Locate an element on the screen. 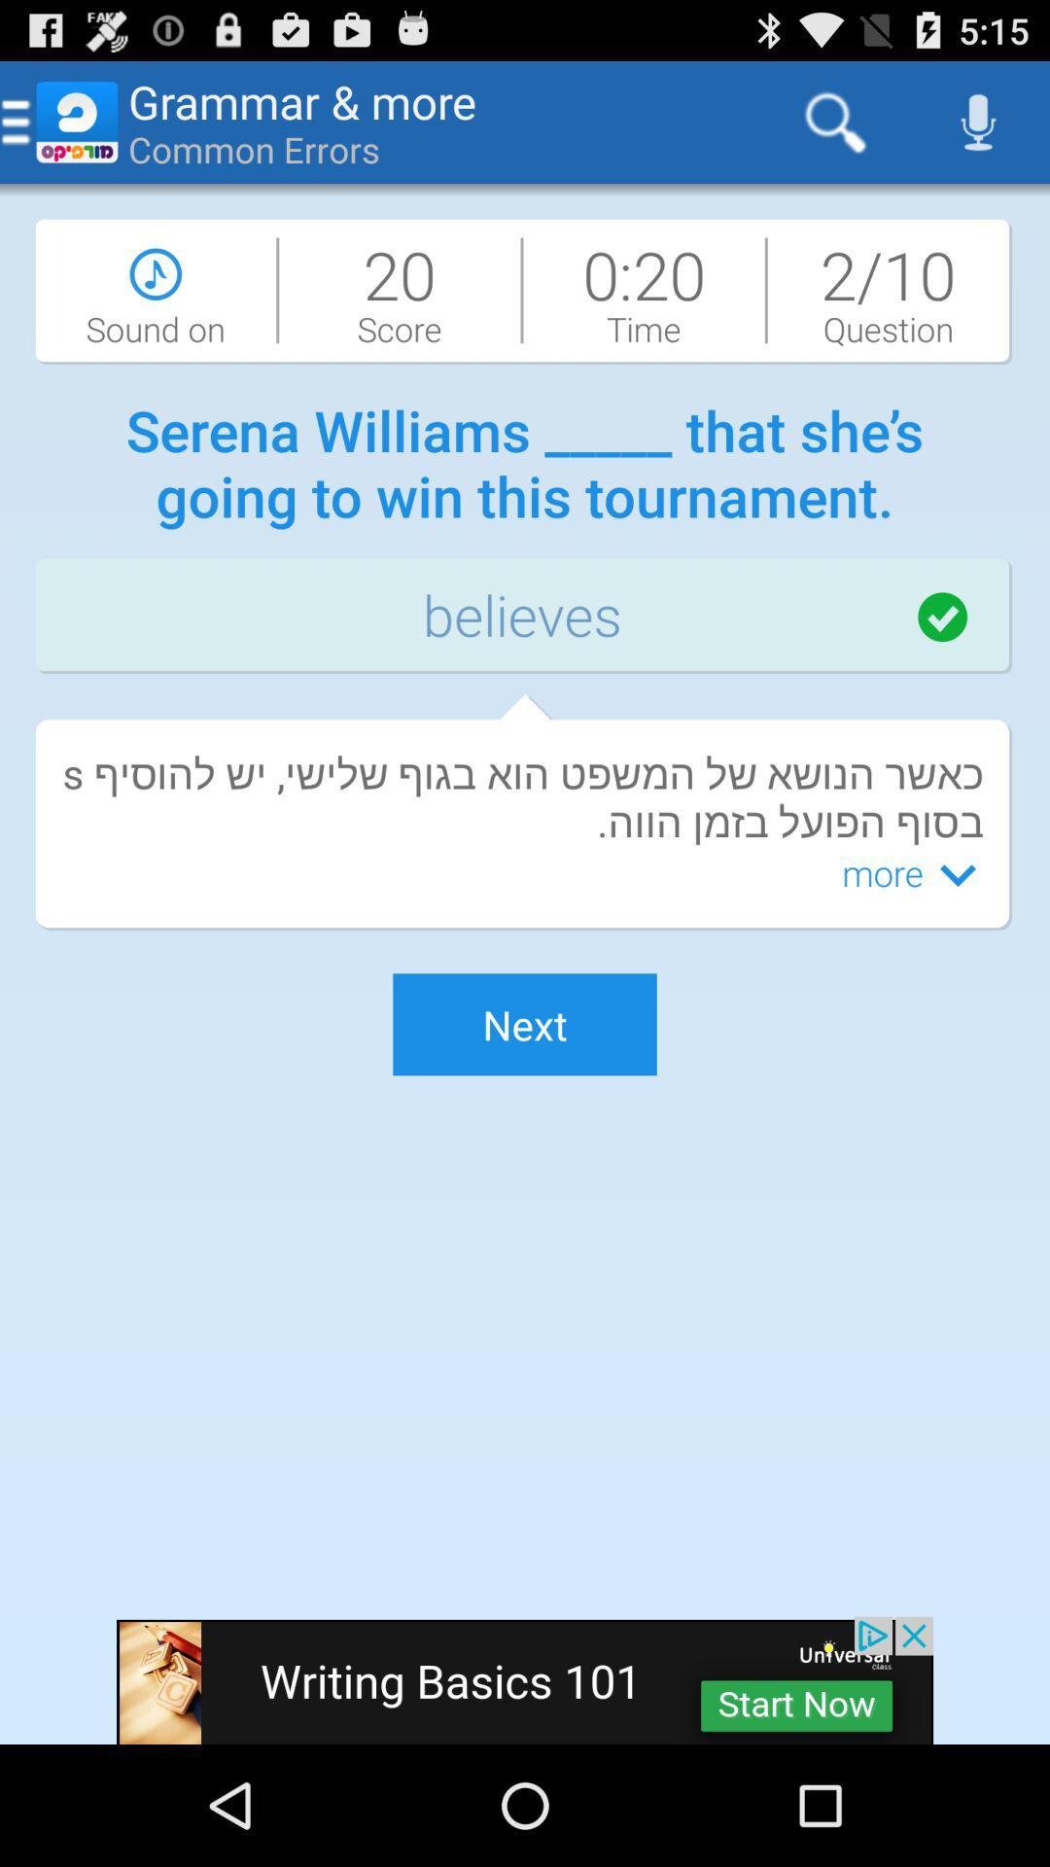 This screenshot has width=1050, height=1867. writing basics is located at coordinates (525, 1679).